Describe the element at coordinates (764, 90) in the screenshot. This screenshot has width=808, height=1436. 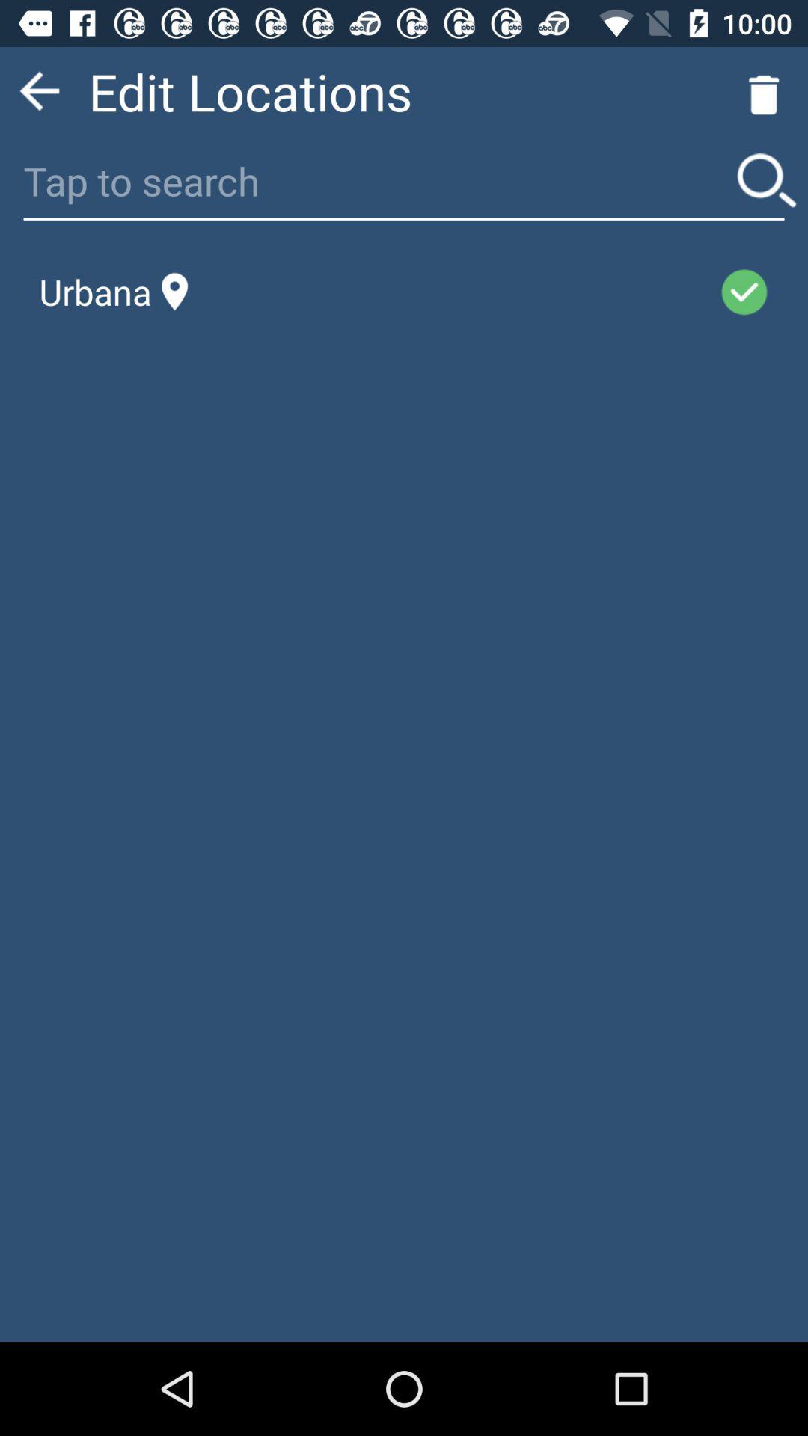
I see `delete` at that location.